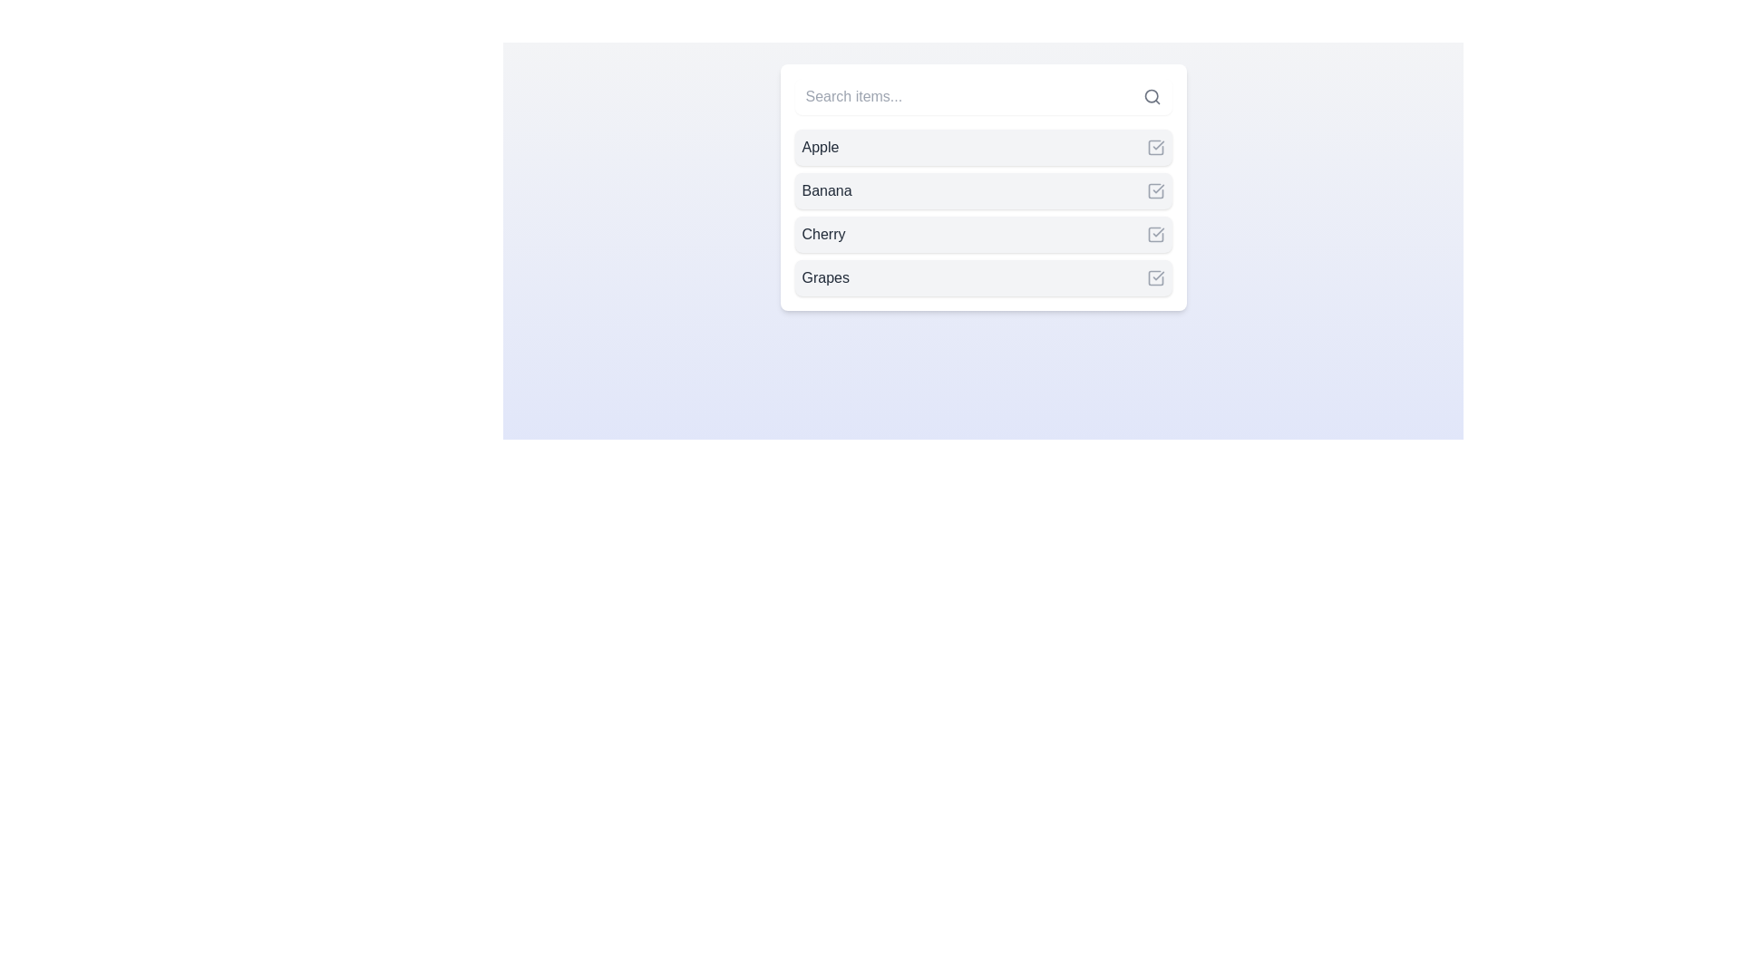  What do you see at coordinates (822, 233) in the screenshot?
I see `the text label displaying 'Cherry', which is styled in dark gray and located in a rectangular section with rounded corners` at bounding box center [822, 233].